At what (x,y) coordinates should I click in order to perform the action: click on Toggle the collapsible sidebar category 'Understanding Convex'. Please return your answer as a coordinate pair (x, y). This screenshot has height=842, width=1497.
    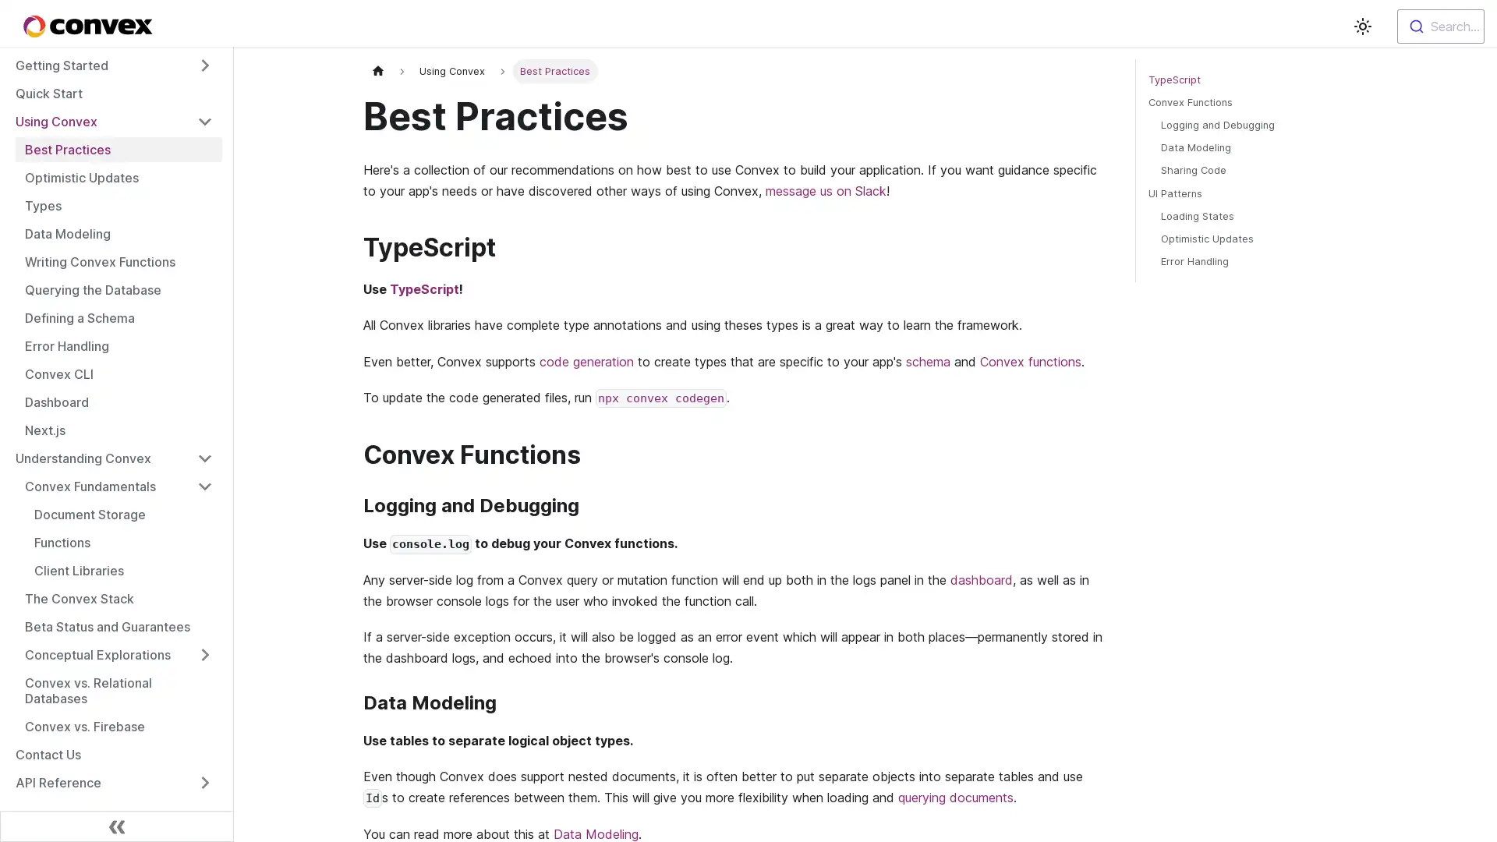
    Looking at the image, I should click on (204, 457).